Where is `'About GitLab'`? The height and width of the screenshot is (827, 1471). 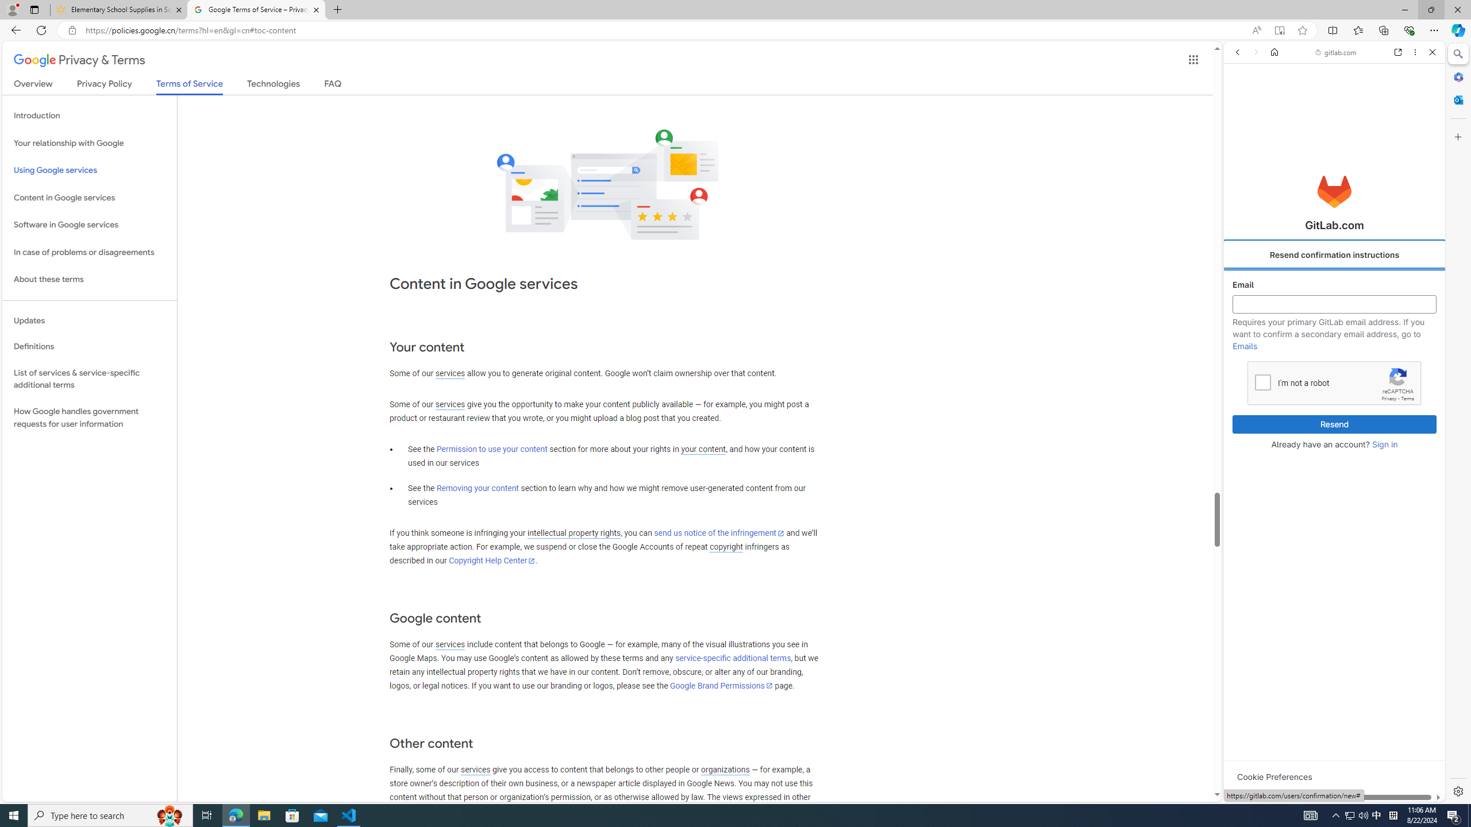
'About GitLab' is located at coordinates (1333, 339).